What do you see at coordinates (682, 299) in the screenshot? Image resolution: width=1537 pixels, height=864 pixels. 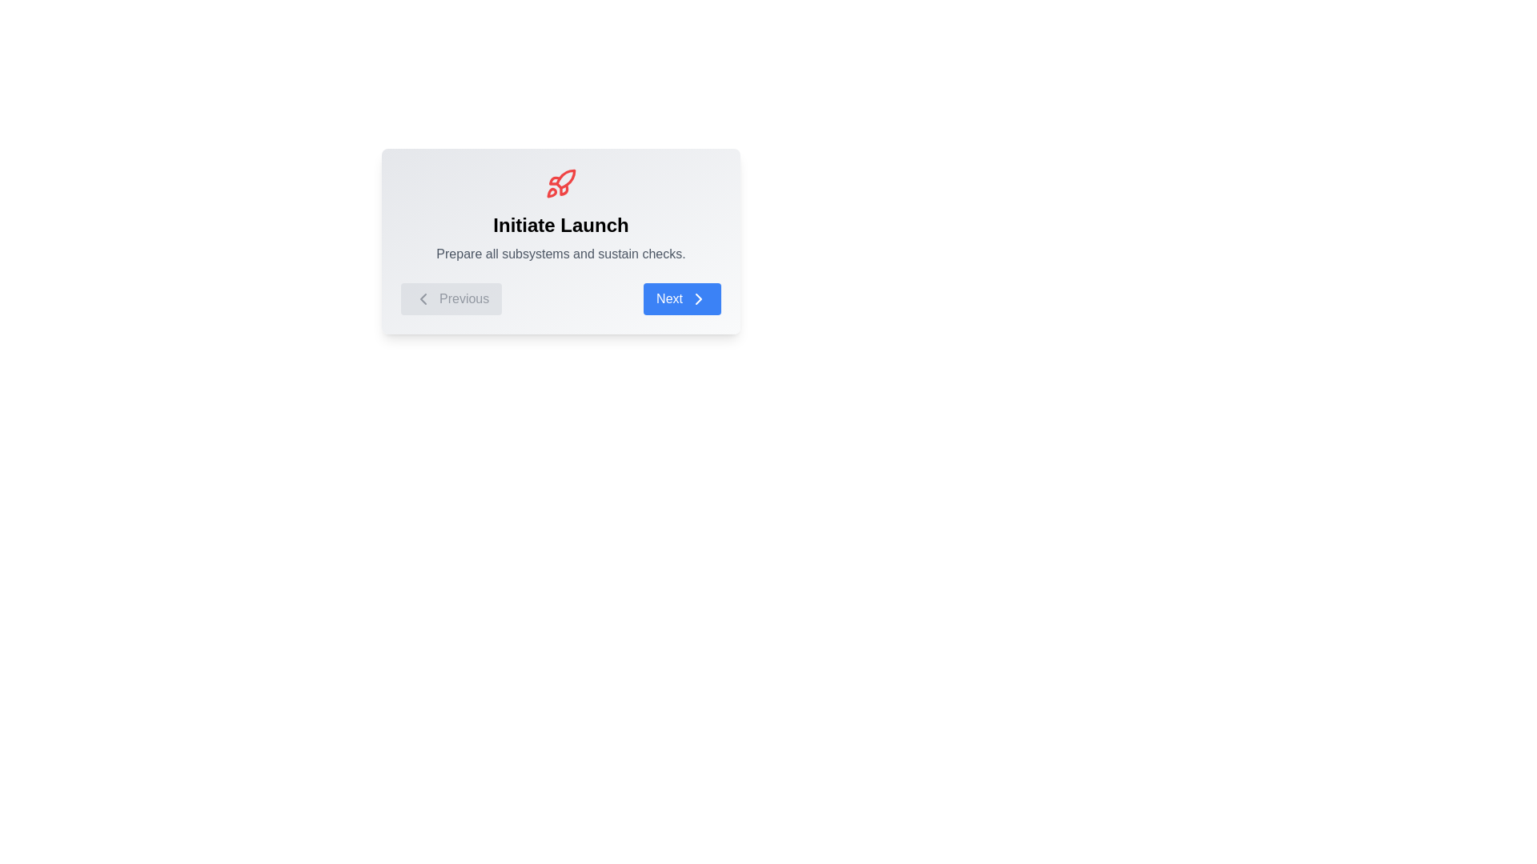 I see `the Next button to navigate` at bounding box center [682, 299].